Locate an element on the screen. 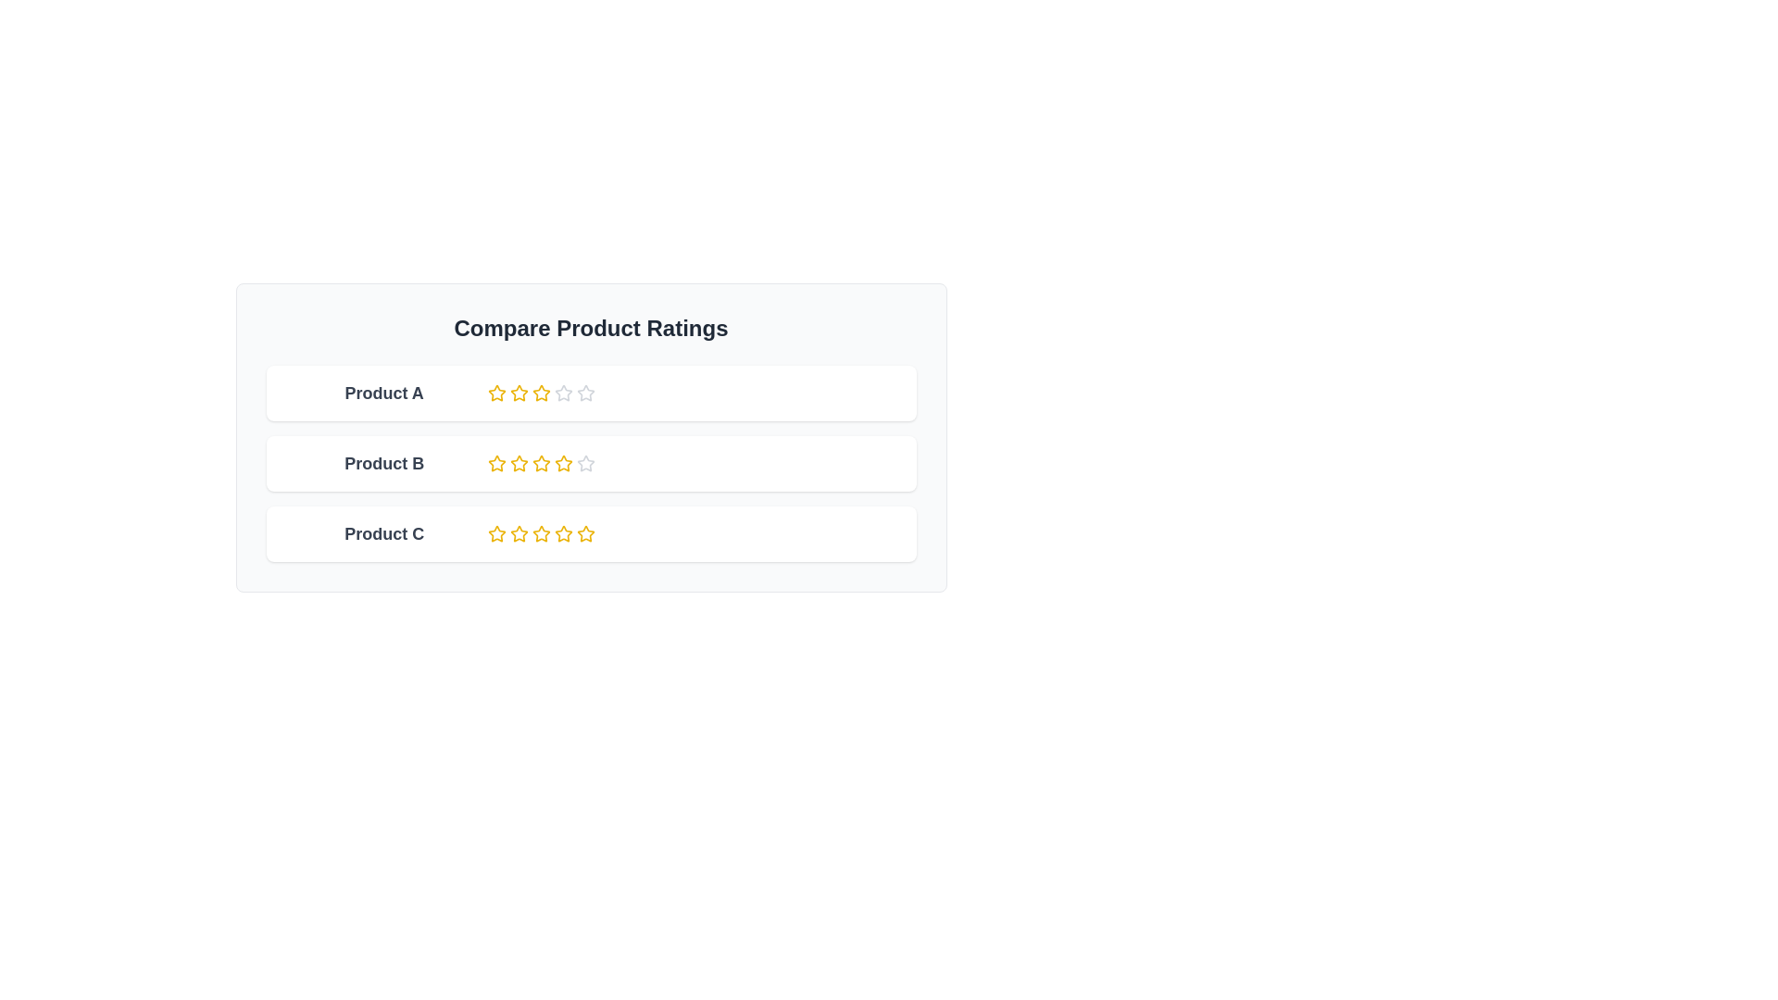 The image size is (1778, 1000). the fourth gray star icon in the horizontal sequence of rating stars for 'Product A' in the 'Compare Product Ratings' section to interact with the rating system is located at coordinates (584, 392).